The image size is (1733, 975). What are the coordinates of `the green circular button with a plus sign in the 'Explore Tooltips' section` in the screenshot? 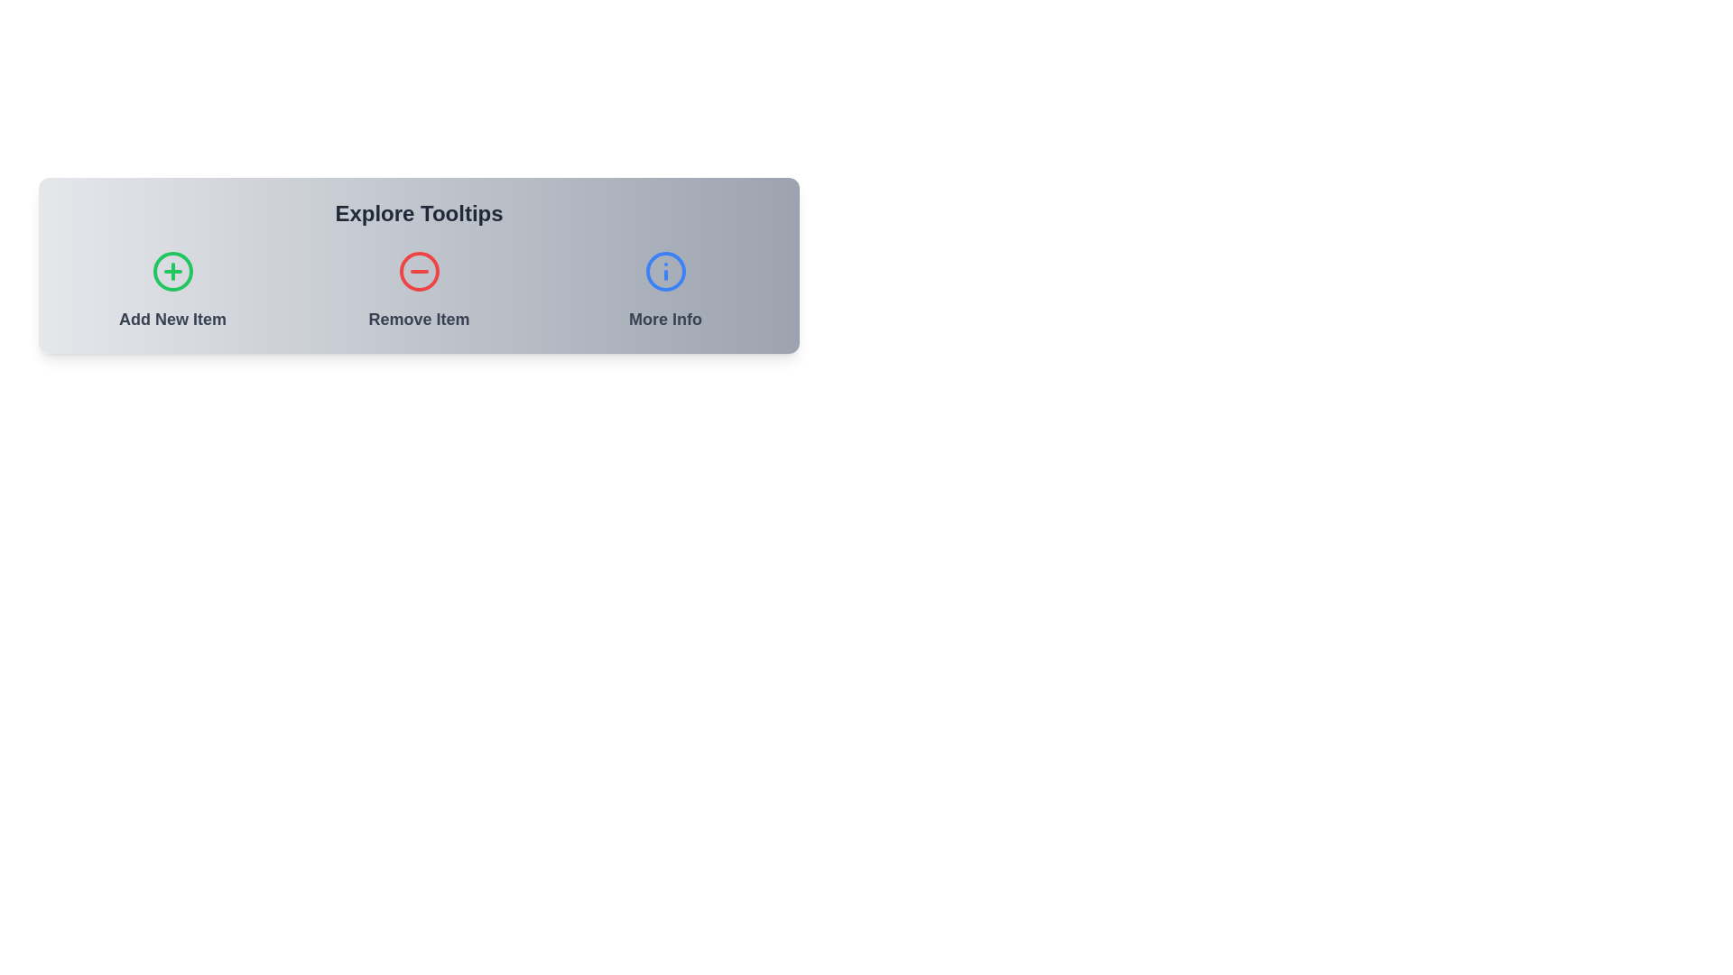 It's located at (172, 271).